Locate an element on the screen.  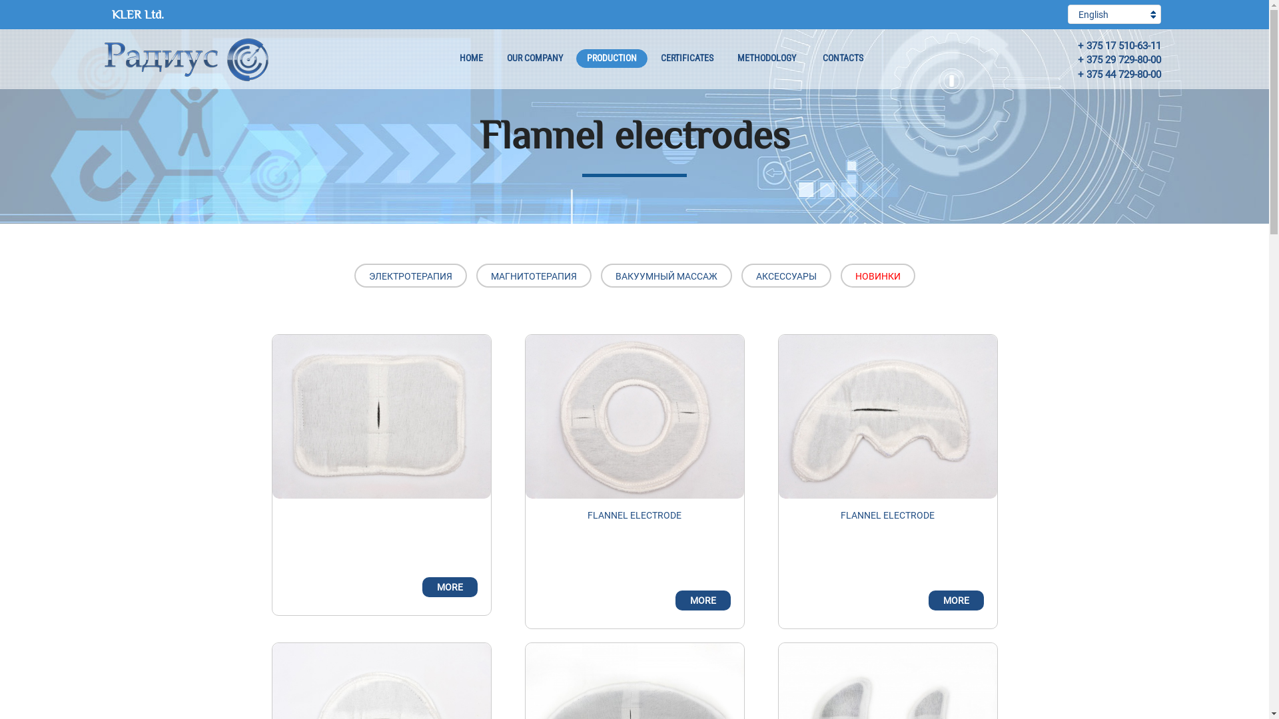
'OUR COMPANY' is located at coordinates (495, 58).